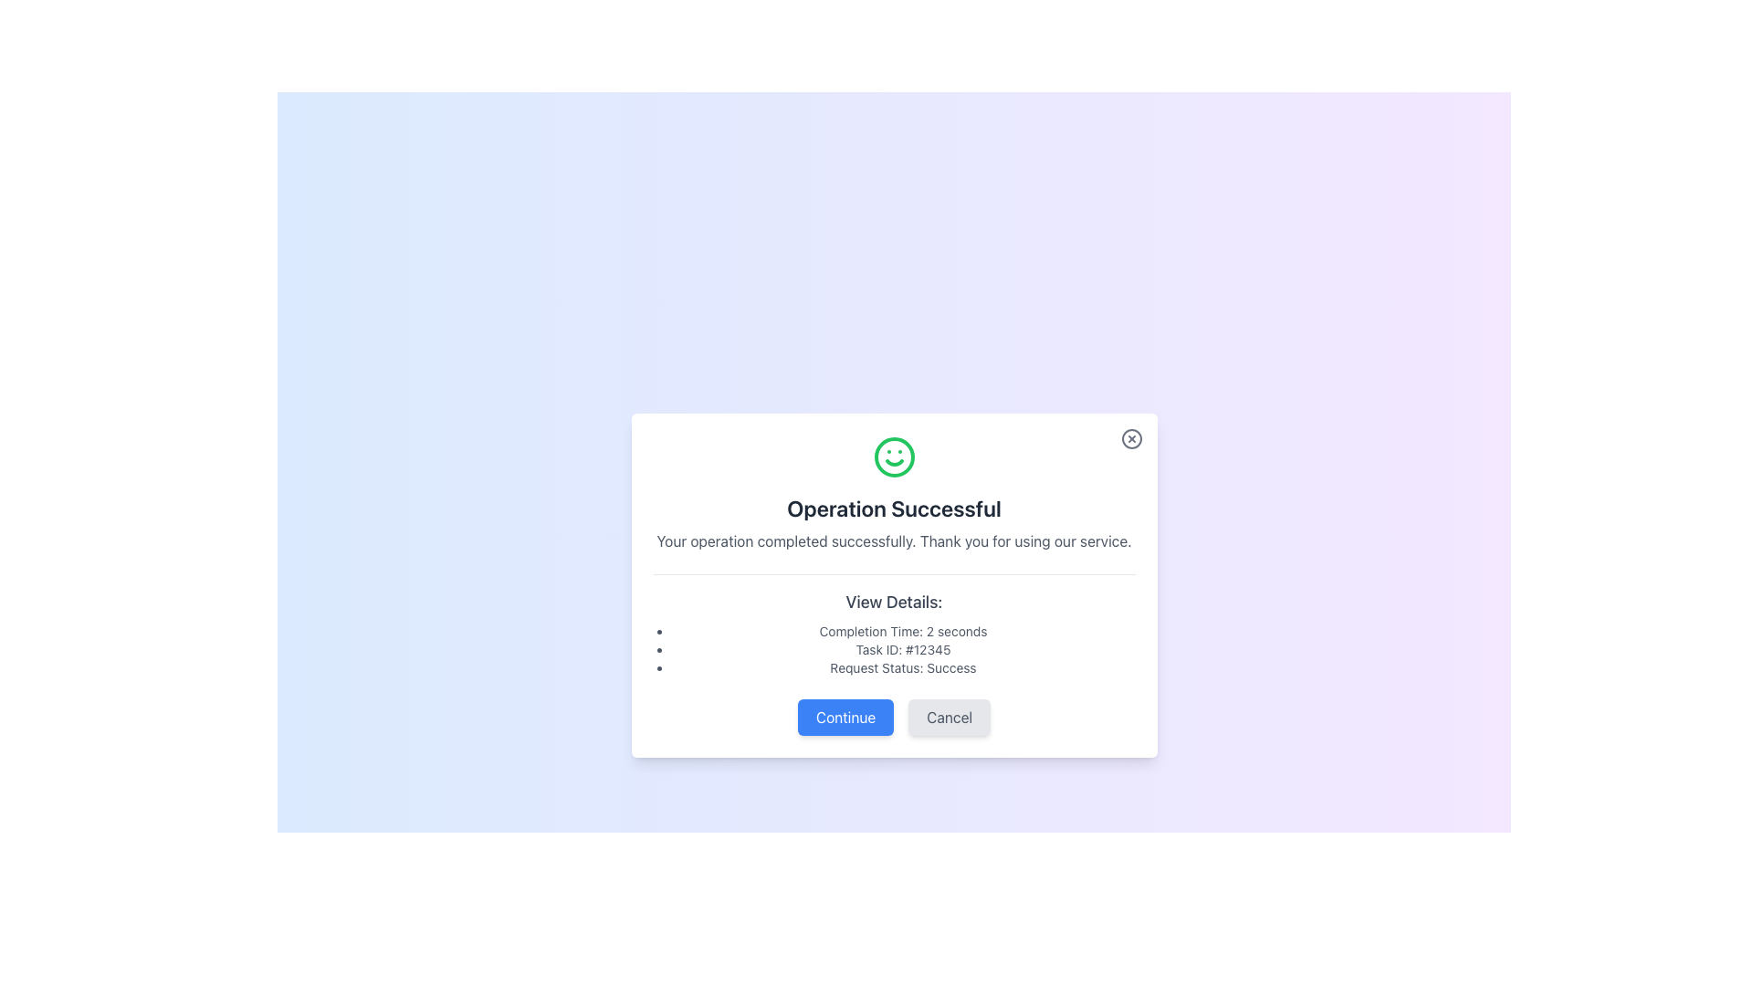 This screenshot has width=1753, height=986. What do you see at coordinates (903, 667) in the screenshot?
I see `the success status text element located beneath 'Task ID: #12345' in the bullet-pointed list under the title 'View Details'` at bounding box center [903, 667].